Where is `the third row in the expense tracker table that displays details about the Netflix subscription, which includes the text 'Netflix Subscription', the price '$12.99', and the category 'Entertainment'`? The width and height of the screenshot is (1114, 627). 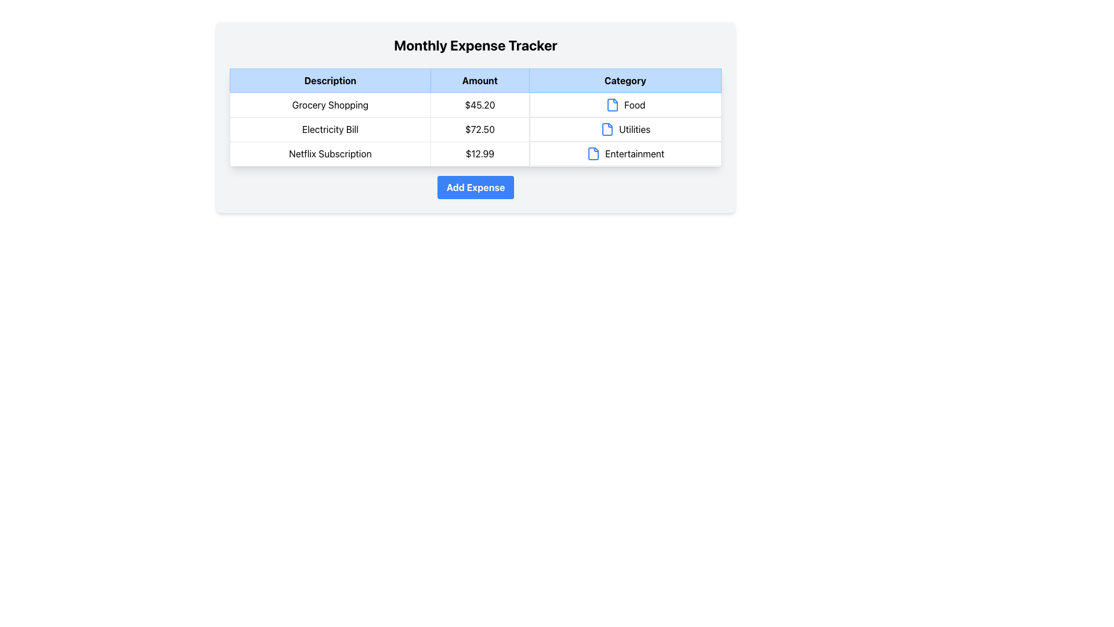
the third row in the expense tracker table that displays details about the Netflix subscription, which includes the text 'Netflix Subscription', the price '$12.99', and the category 'Entertainment' is located at coordinates (476, 153).